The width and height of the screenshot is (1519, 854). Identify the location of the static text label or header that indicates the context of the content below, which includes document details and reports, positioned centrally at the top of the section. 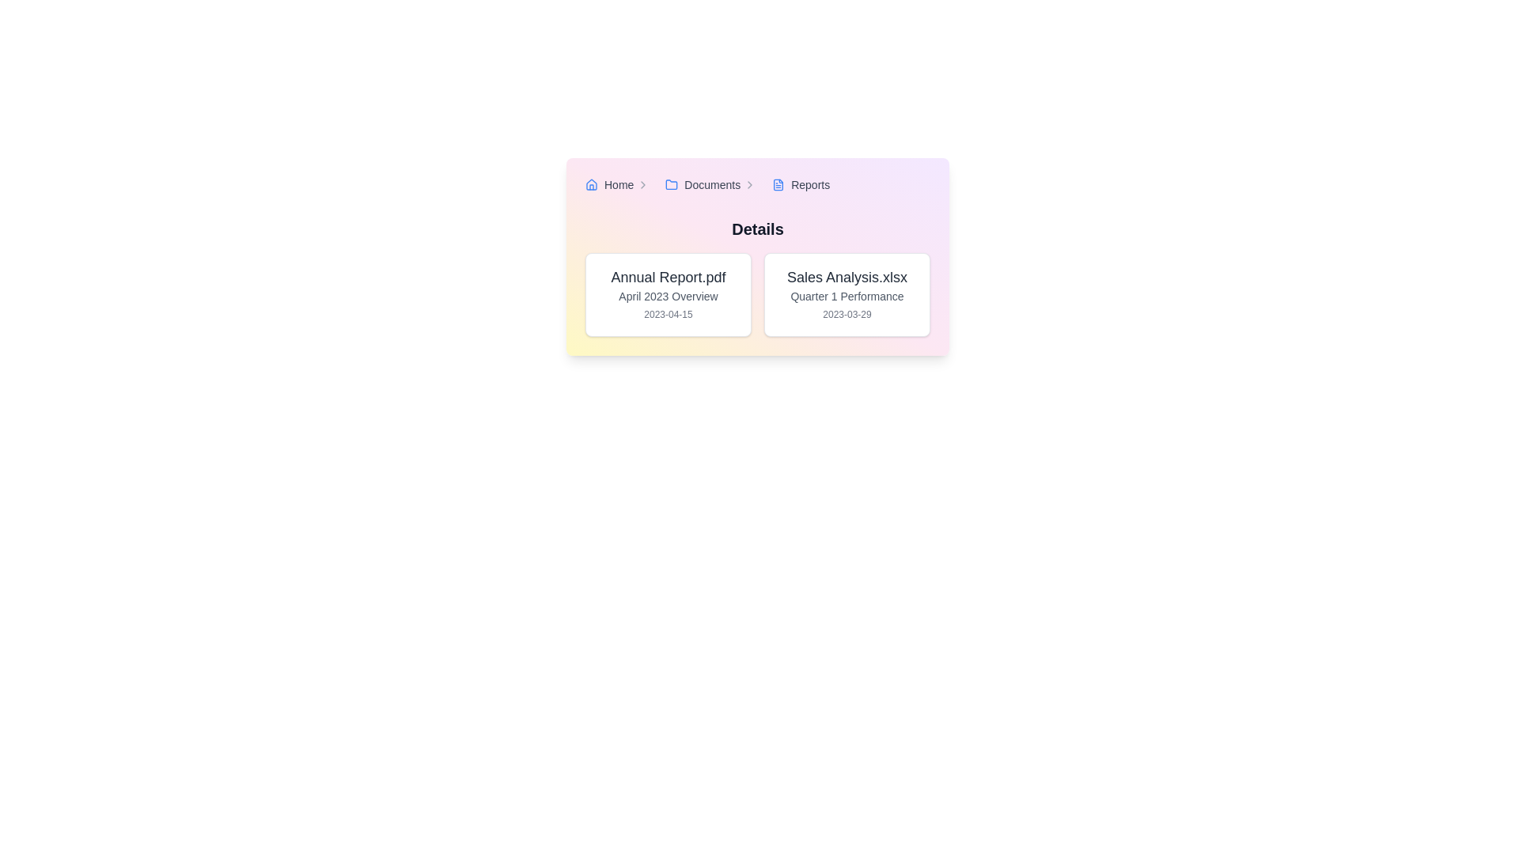
(757, 229).